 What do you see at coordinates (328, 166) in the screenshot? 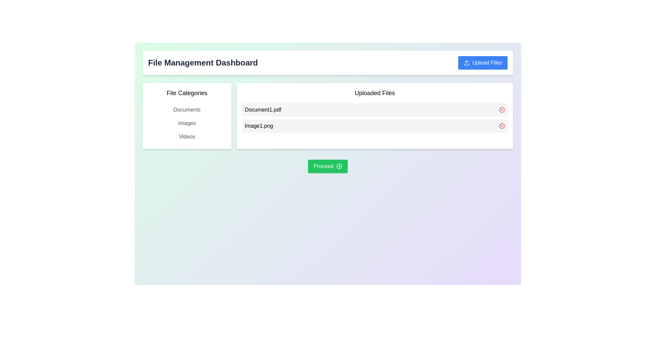
I see `the button located at the bottom center of the layout, just below the 'Uploaded Files' section, to proceed to the next step` at bounding box center [328, 166].